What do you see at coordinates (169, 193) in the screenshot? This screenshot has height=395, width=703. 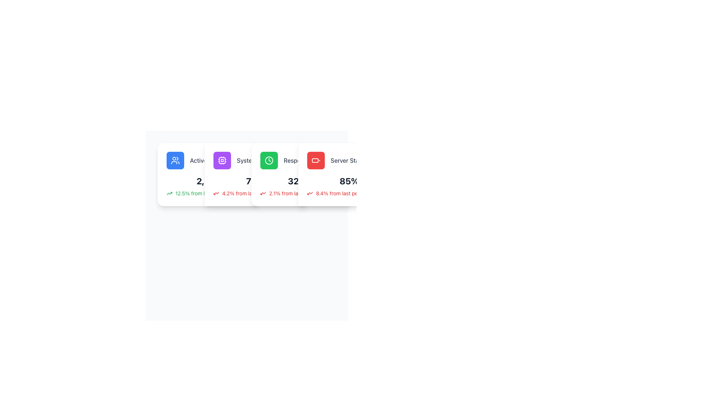 I see `the upward trending icon, which is positioned to the left of the text label '12.5% from last period' in the blue-colored section labeled 'Active'` at bounding box center [169, 193].